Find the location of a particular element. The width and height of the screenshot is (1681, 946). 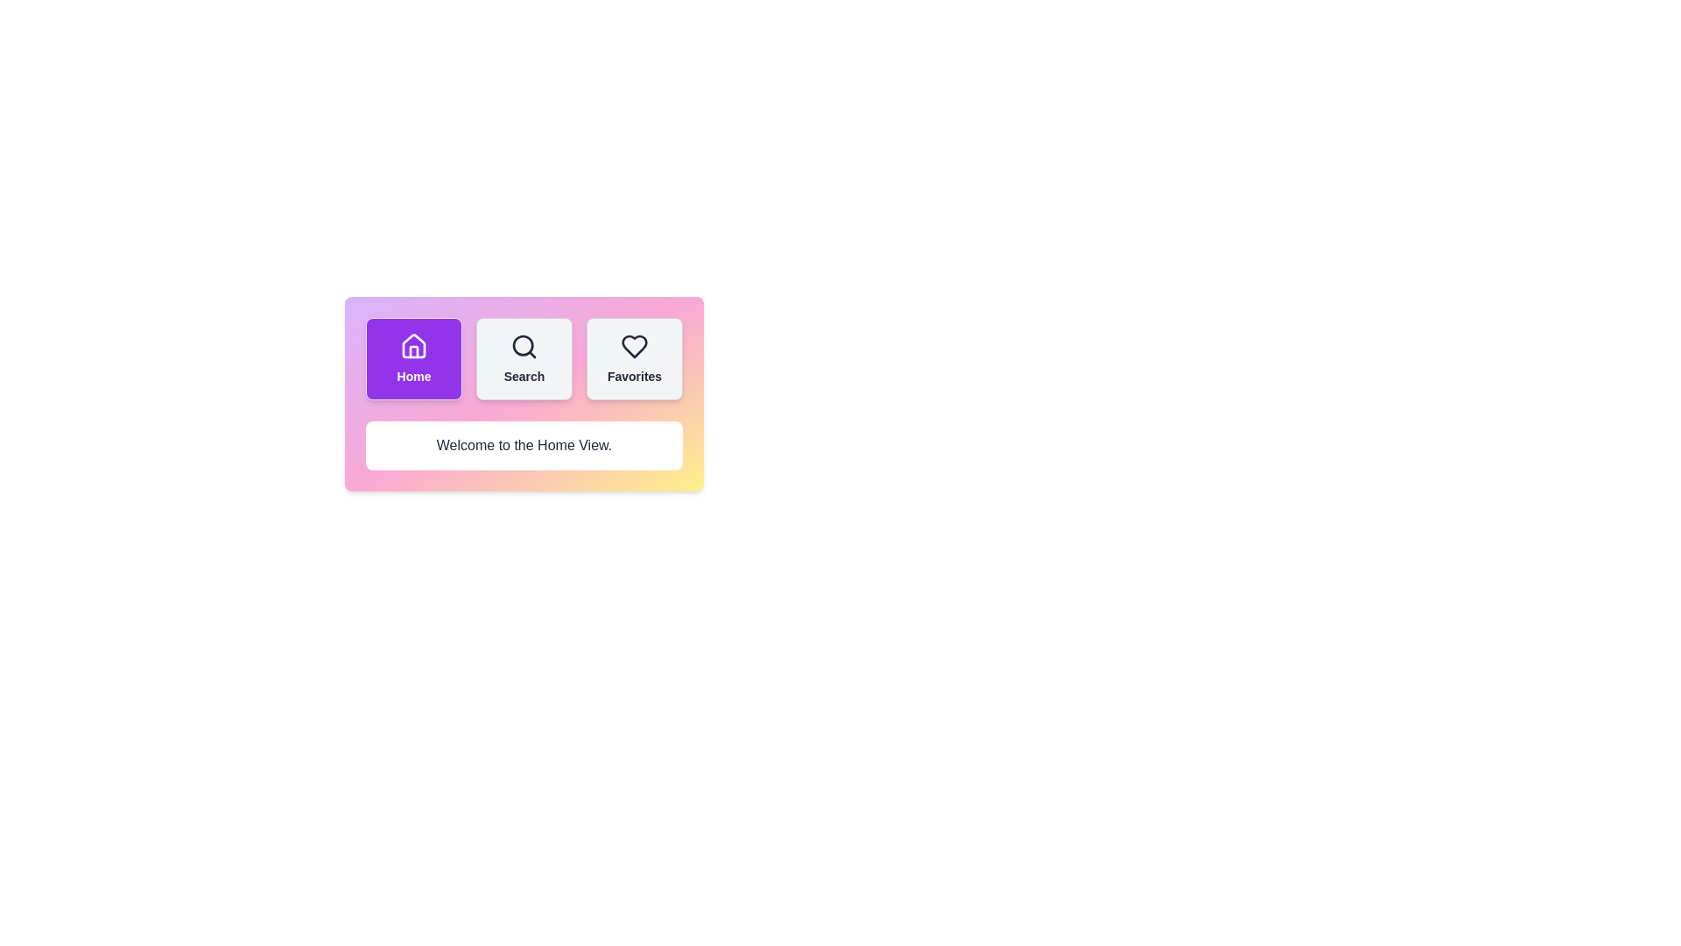

the house icon representing the 'Home' button, located at the top-left corner of the button group is located at coordinates (413, 347).